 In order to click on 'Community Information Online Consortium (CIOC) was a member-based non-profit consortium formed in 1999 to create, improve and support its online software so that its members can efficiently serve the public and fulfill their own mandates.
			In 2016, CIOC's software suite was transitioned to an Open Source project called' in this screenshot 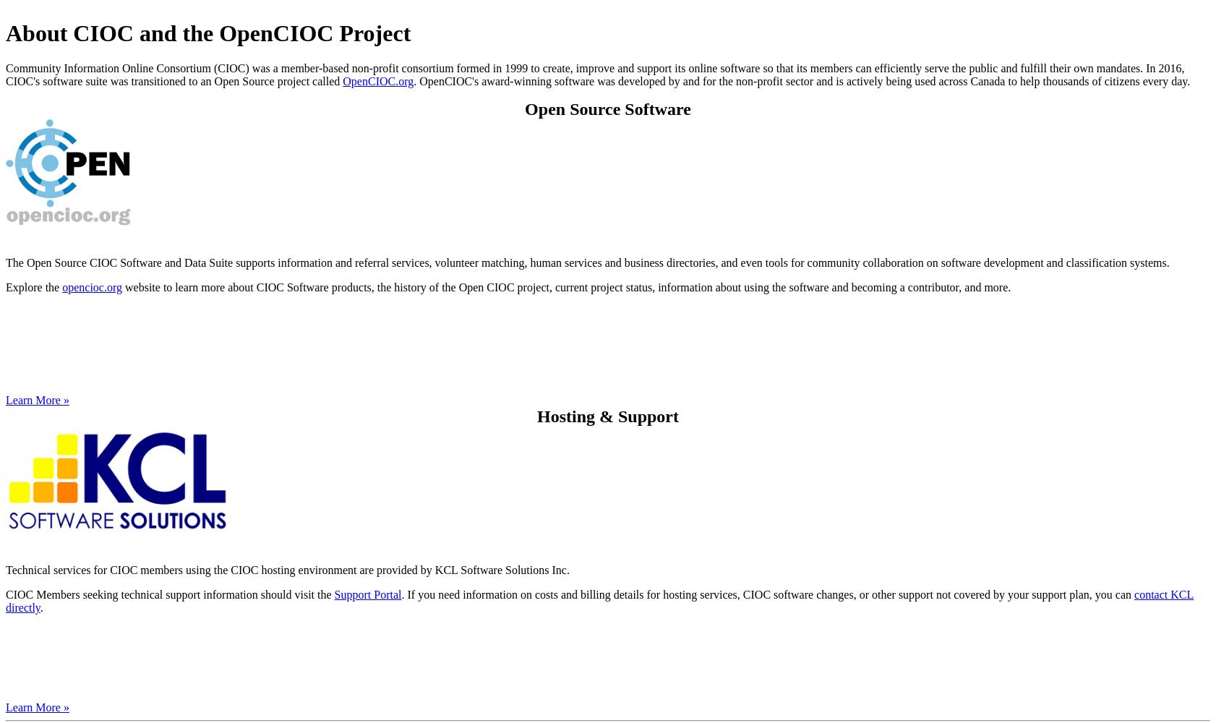, I will do `click(595, 74)`.